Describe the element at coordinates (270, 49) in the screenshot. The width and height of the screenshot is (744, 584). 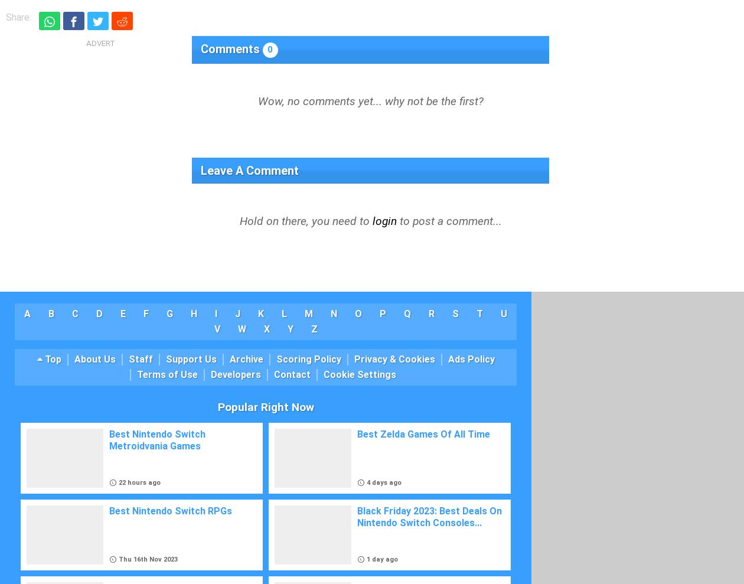
I see `'0'` at that location.